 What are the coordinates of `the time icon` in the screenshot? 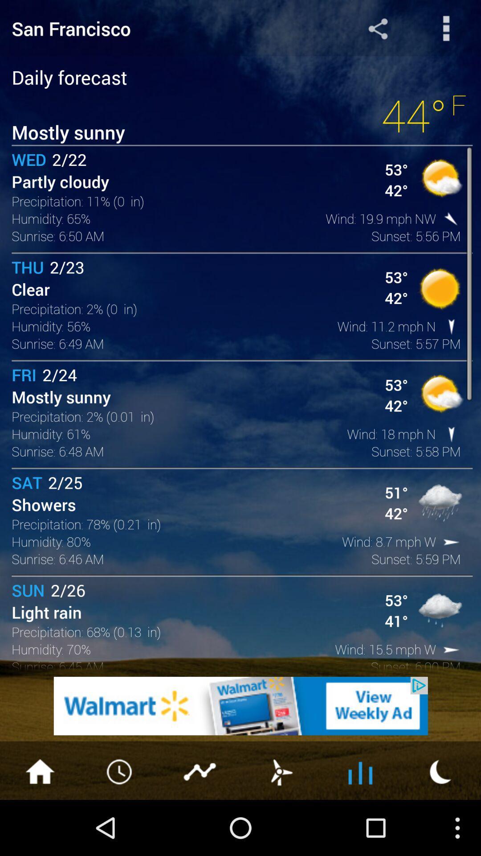 It's located at (120, 824).